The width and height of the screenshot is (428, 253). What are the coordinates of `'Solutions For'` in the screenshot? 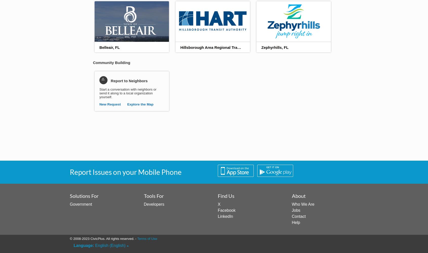 It's located at (84, 196).